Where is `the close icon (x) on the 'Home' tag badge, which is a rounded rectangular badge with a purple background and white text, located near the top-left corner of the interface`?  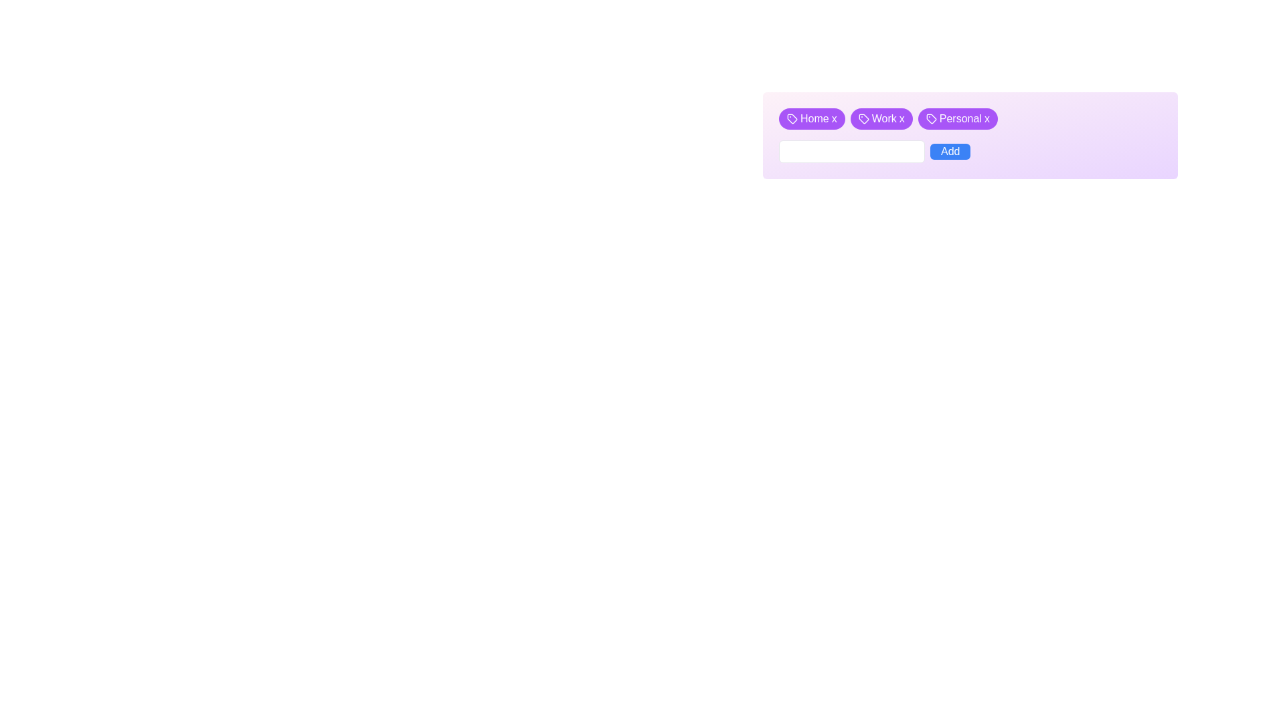
the close icon (x) on the 'Home' tag badge, which is a rounded rectangular badge with a purple background and white text, located near the top-left corner of the interface is located at coordinates (811, 118).